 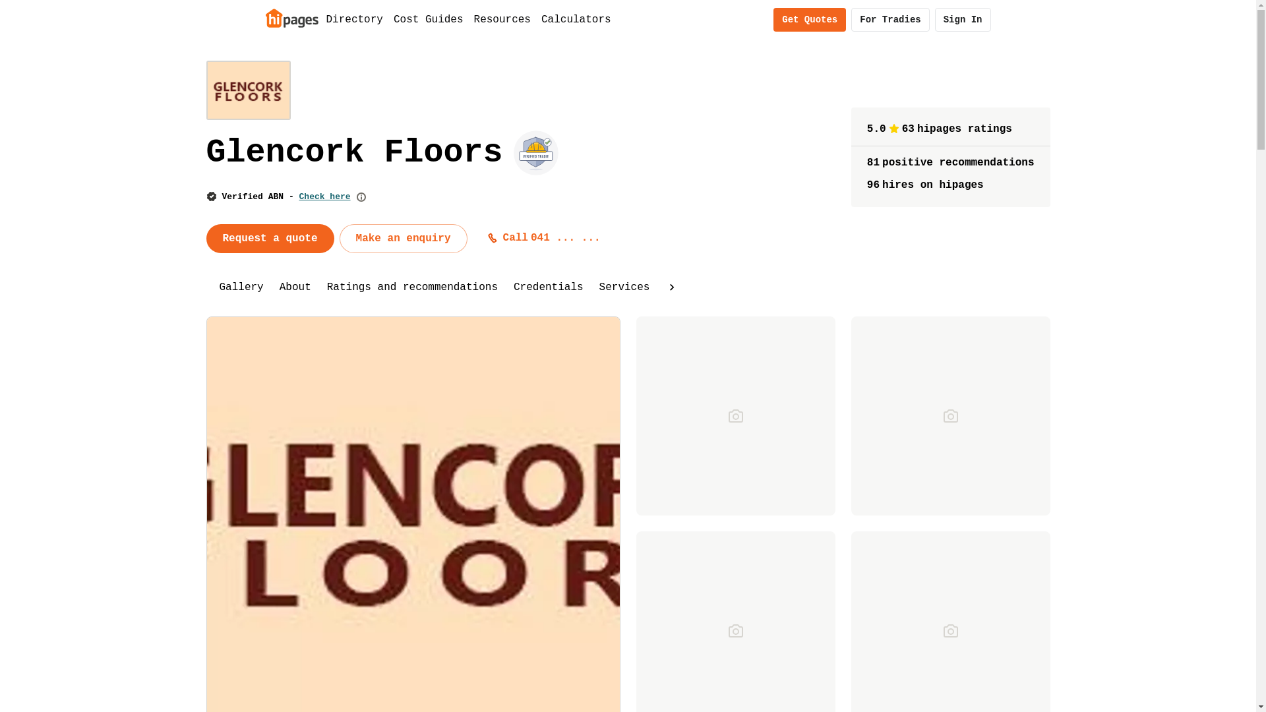 What do you see at coordinates (502, 20) in the screenshot?
I see `'Resources'` at bounding box center [502, 20].